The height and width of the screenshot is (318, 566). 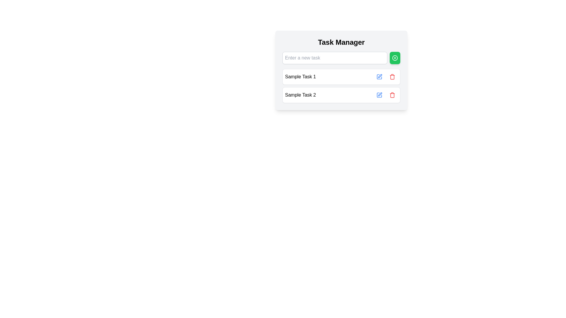 I want to click on the red trash can icon button located at the bottom right of the 'Sample Task 2' row, so click(x=392, y=95).